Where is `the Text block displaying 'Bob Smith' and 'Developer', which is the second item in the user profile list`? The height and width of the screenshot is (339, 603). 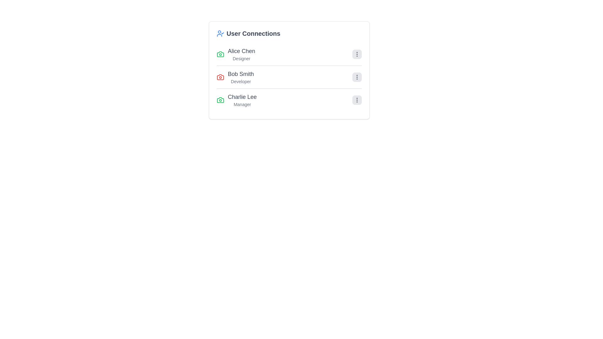
the Text block displaying 'Bob Smith' and 'Developer', which is the second item in the user profile list is located at coordinates (241, 77).